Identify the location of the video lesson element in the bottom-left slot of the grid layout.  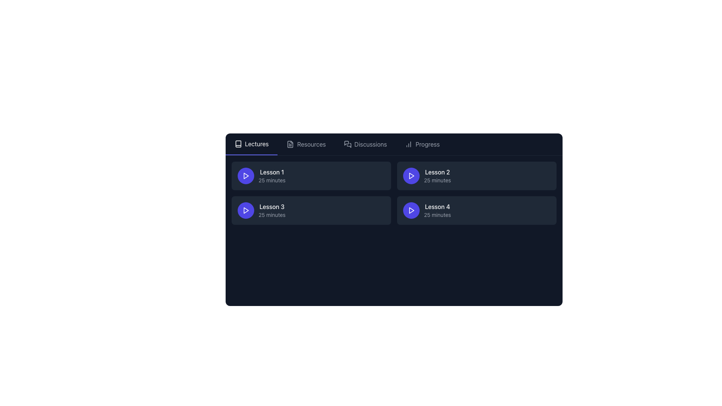
(311, 210).